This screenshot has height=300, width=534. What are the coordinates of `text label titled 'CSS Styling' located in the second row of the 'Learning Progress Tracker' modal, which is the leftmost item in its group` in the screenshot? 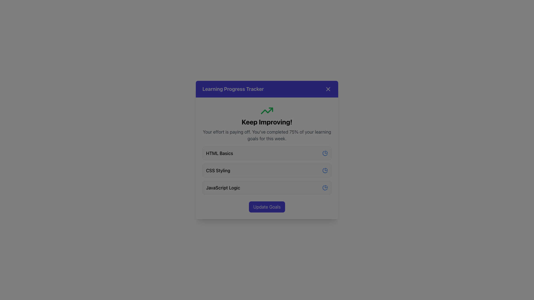 It's located at (218, 170).